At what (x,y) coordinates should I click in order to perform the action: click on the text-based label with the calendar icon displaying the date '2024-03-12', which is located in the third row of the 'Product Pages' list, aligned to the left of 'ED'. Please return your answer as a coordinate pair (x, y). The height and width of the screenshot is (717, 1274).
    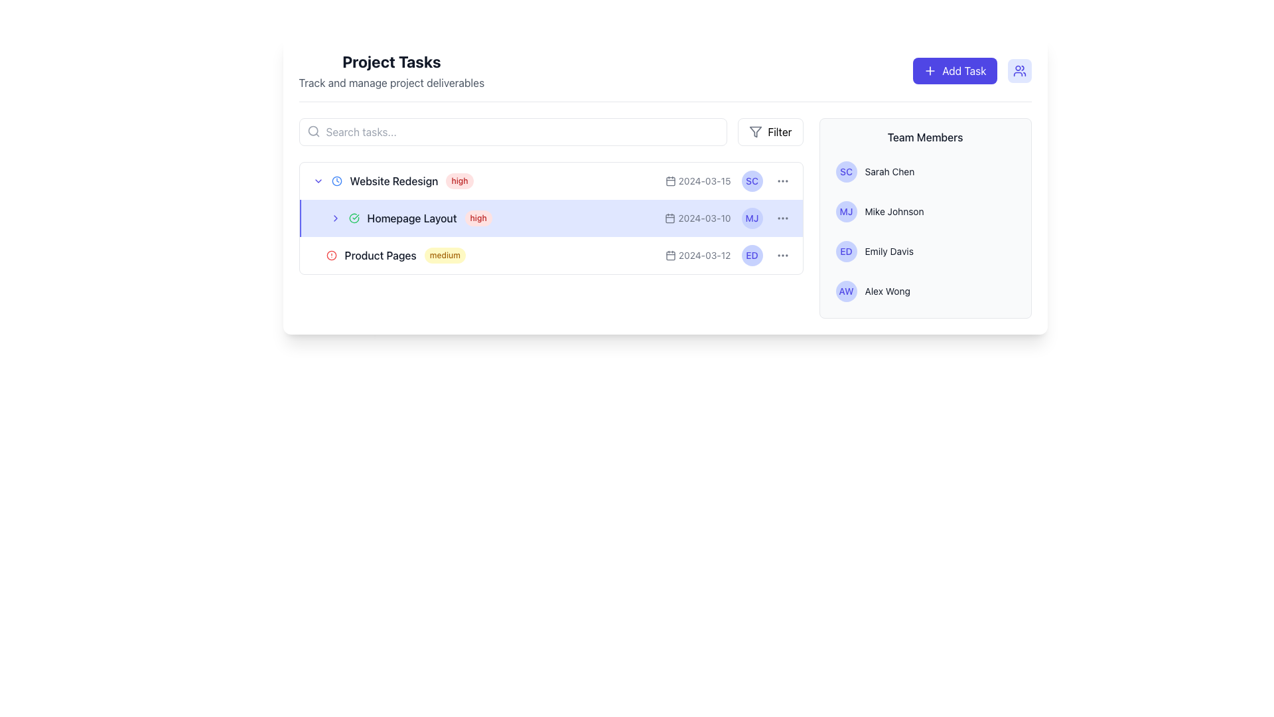
    Looking at the image, I should click on (697, 256).